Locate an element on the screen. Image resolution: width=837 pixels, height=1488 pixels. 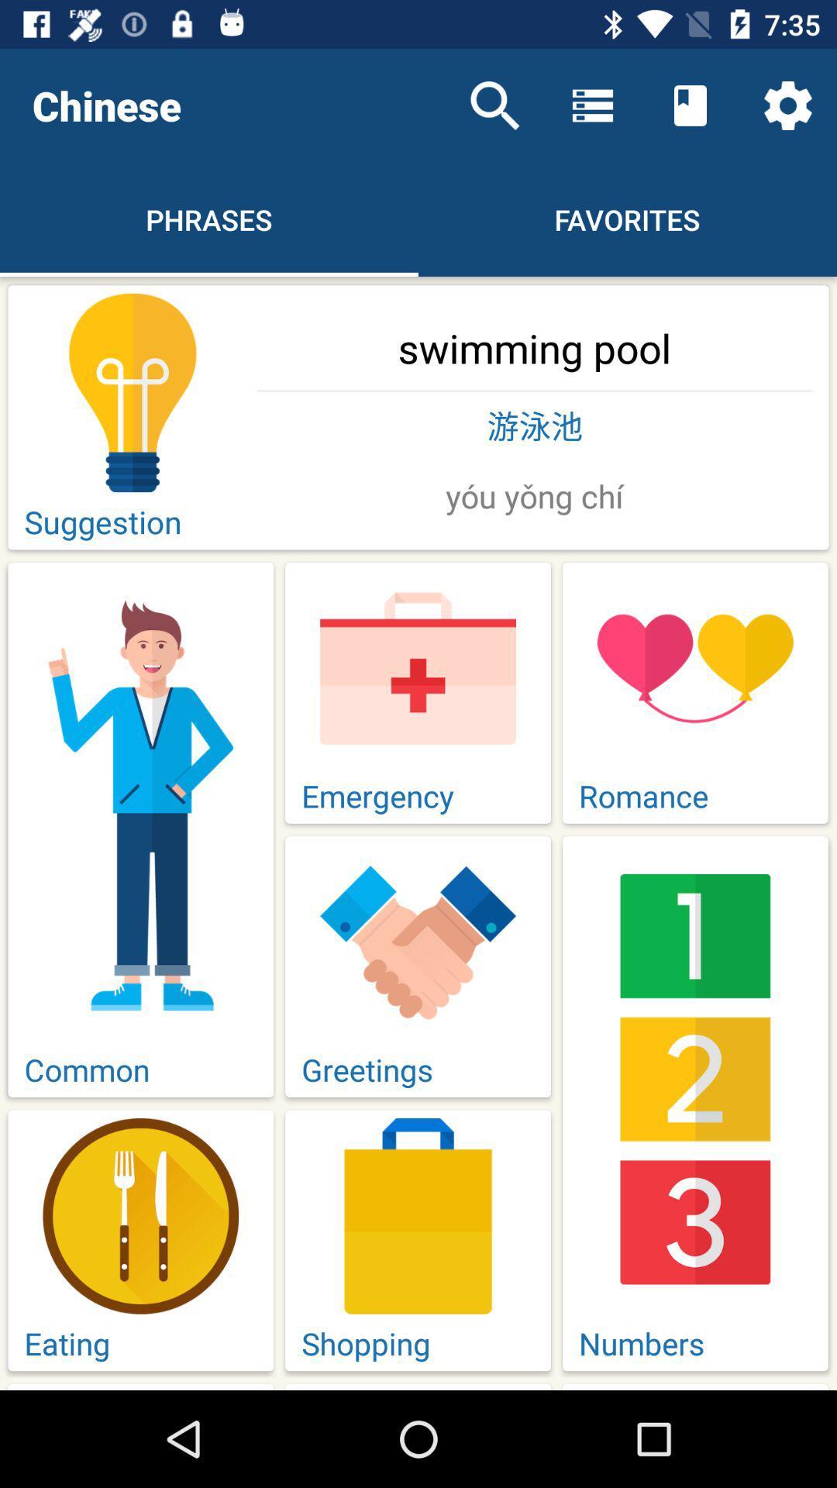
the icon above the favorites is located at coordinates (592, 105).